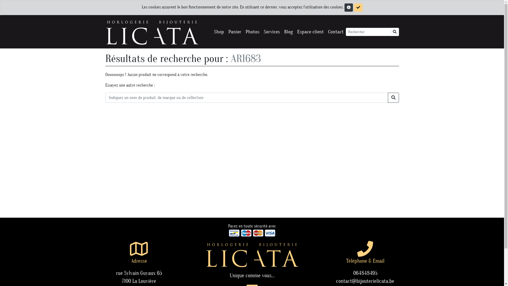  What do you see at coordinates (234, 32) in the screenshot?
I see `'Panier'` at bounding box center [234, 32].